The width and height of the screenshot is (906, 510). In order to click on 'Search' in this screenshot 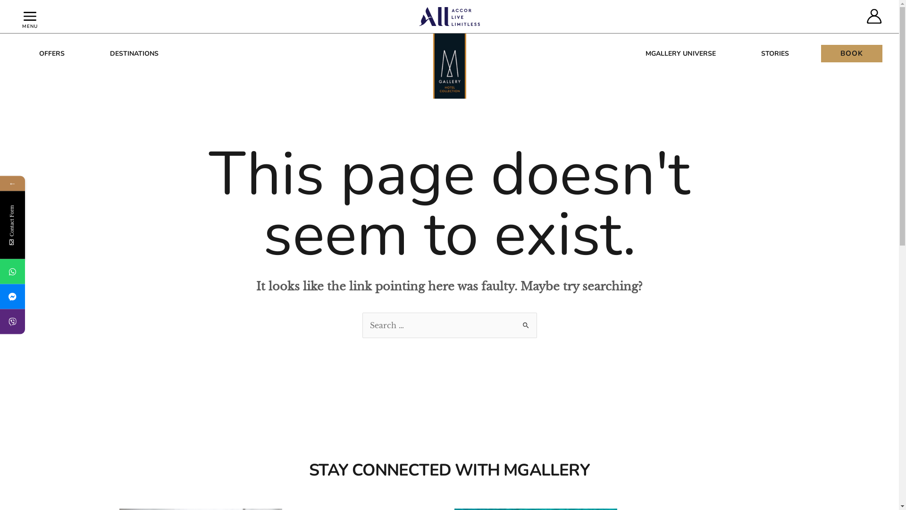, I will do `click(525, 322)`.